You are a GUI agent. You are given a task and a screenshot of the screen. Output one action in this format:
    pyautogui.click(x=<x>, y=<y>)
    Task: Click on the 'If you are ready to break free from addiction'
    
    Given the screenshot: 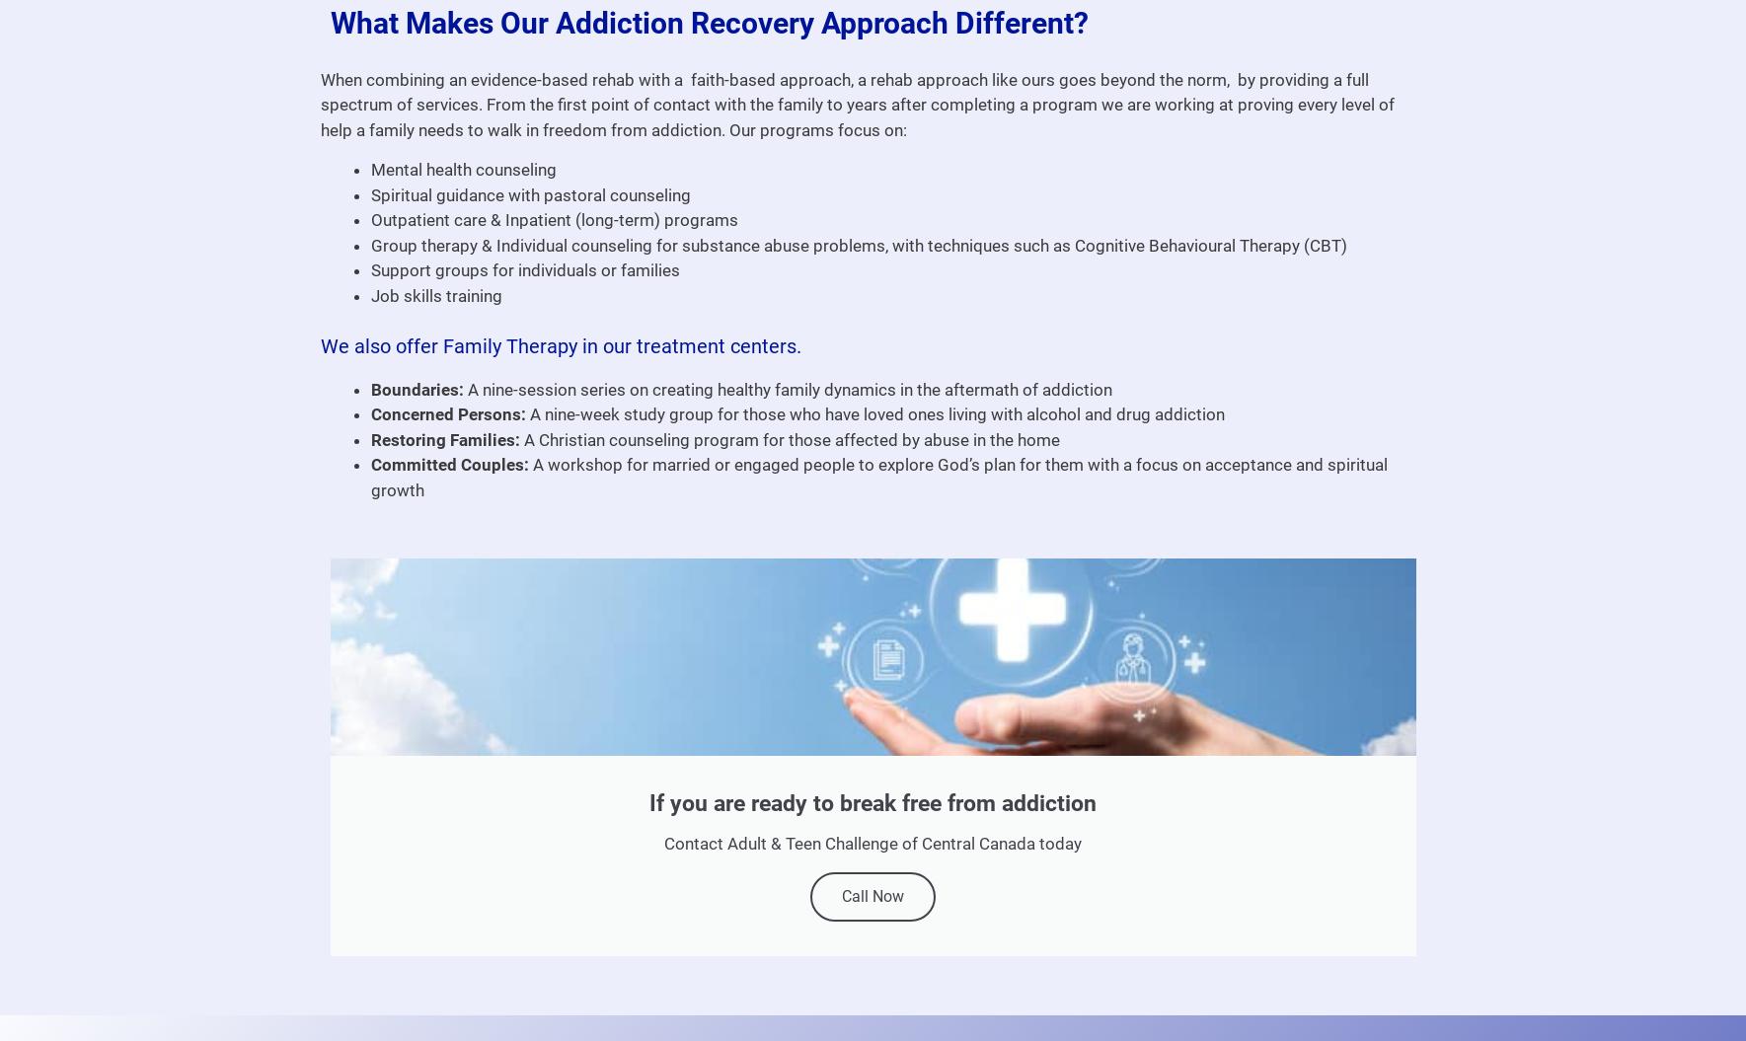 What is the action you would take?
    pyautogui.click(x=872, y=801)
    